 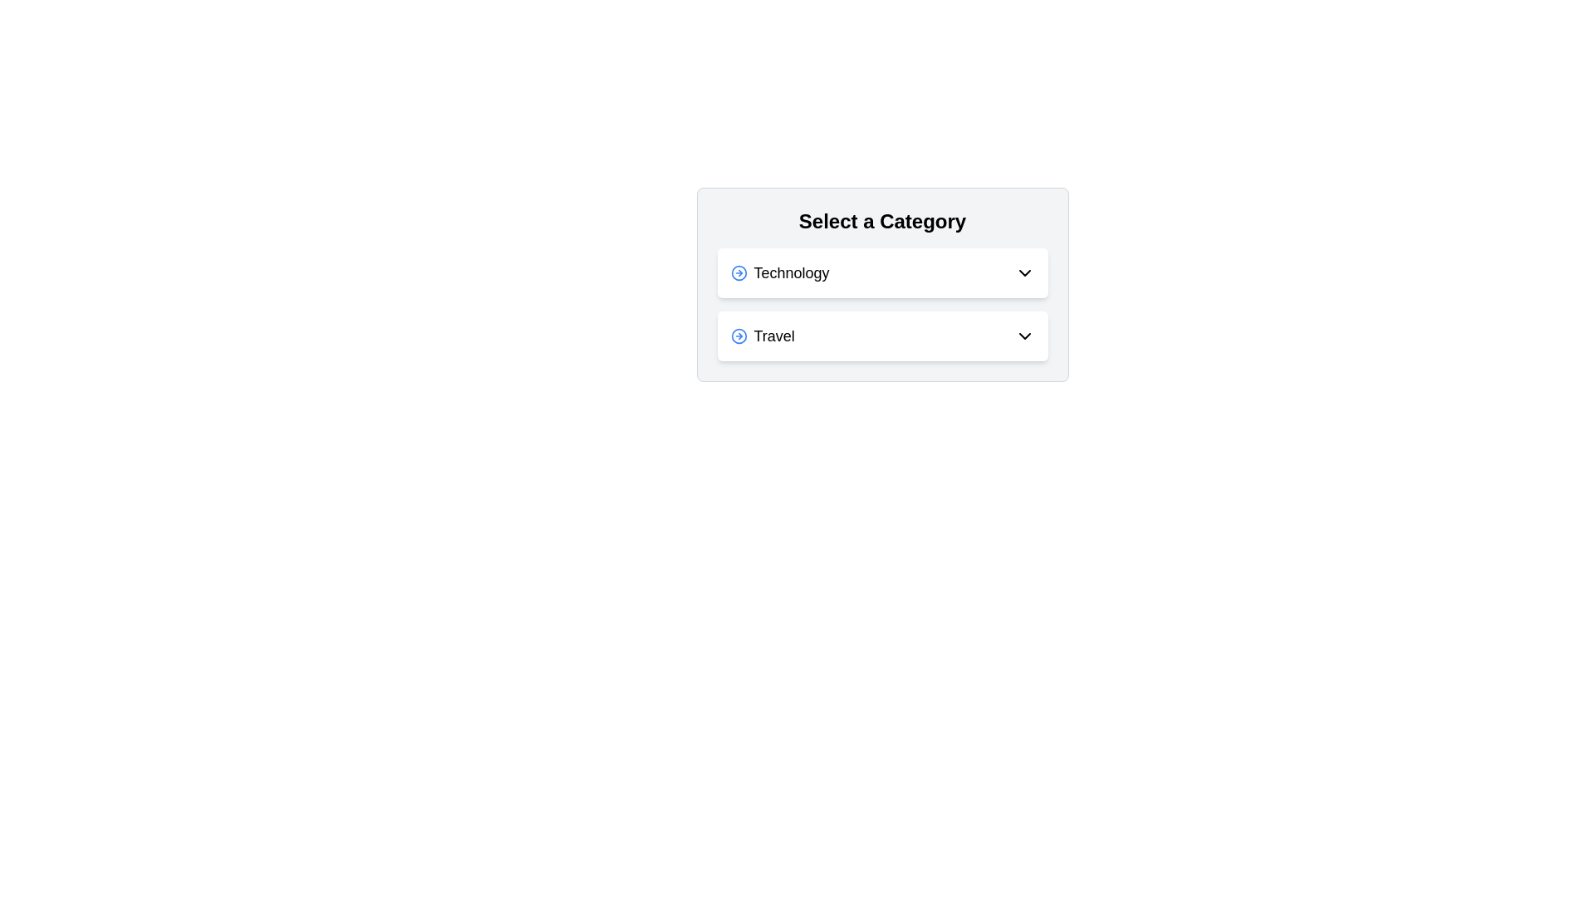 I want to click on the 'Technology' category selection box, which is the first item in a vertical list above the 'Travel' item, so click(x=881, y=272).